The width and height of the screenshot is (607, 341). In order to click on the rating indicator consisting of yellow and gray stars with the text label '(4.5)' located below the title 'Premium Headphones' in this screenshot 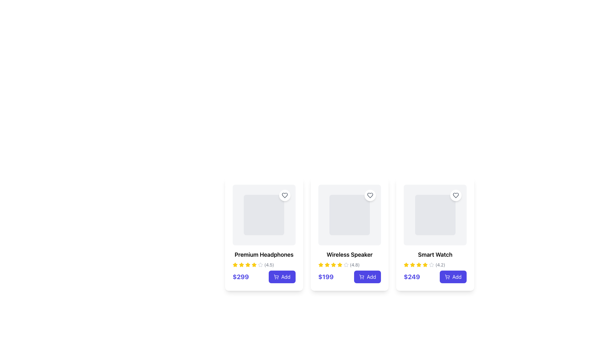, I will do `click(264, 265)`.